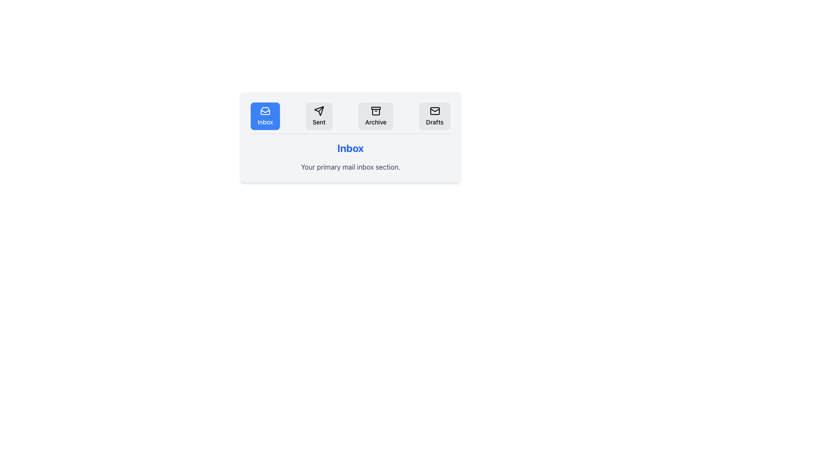 Image resolution: width=827 pixels, height=465 pixels. What do you see at coordinates (264, 122) in the screenshot?
I see `'Inbox' text label which is styled in a smaller font size and is located within a blue, rounded rectangle button, positioned at the upper-left quadrant of the layout area` at bounding box center [264, 122].